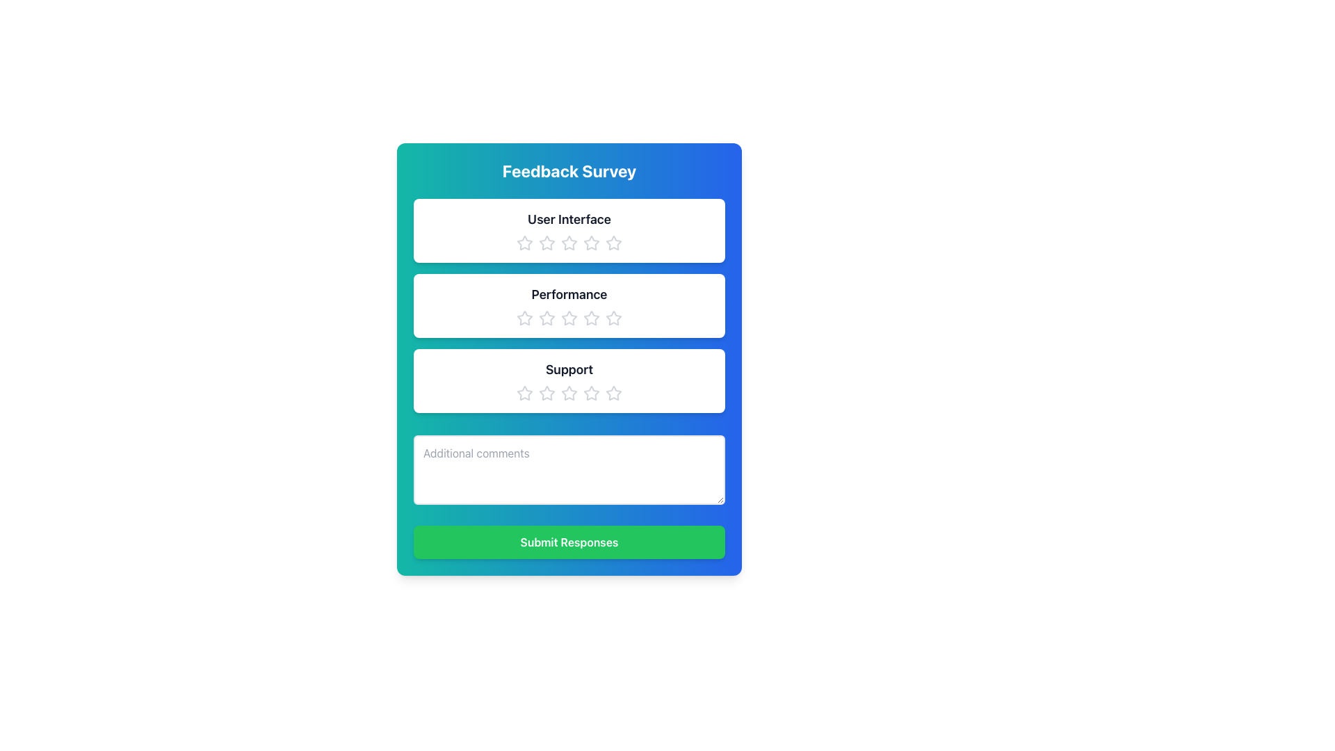 This screenshot has width=1335, height=751. I want to click on the second star in the five-star rating bar under the 'User Interface' feedback section, so click(613, 242).